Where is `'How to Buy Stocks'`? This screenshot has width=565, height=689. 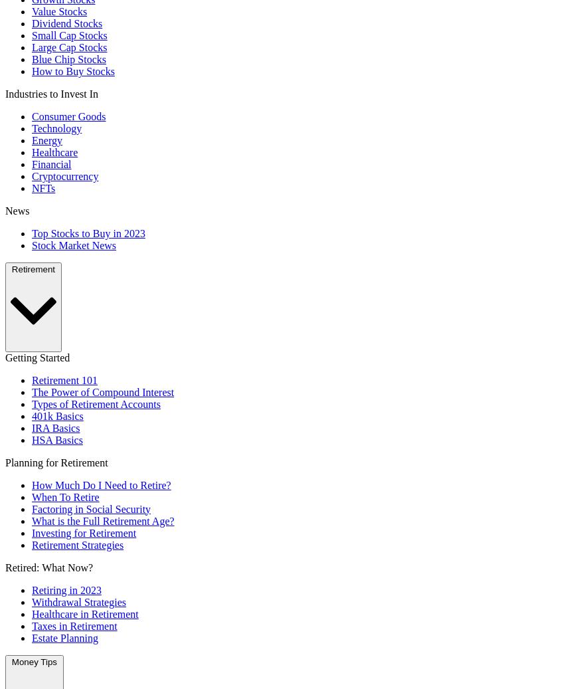 'How to Buy Stocks' is located at coordinates (72, 70).